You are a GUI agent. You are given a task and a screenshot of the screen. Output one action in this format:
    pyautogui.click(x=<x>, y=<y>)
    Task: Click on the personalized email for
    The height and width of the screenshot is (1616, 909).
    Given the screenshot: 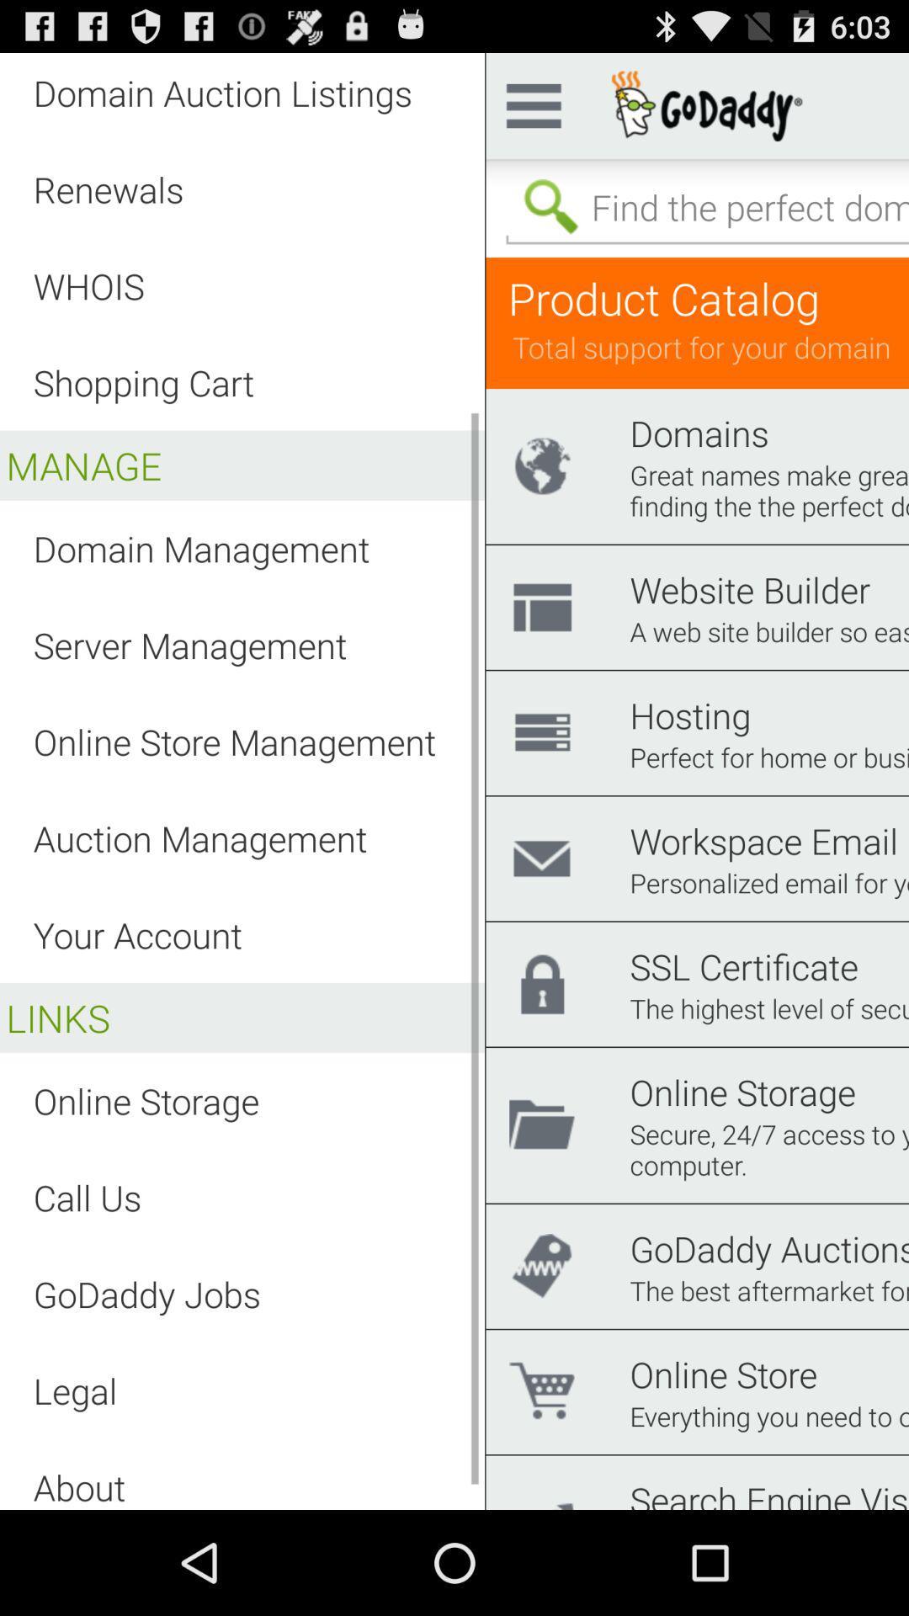 What is the action you would take?
    pyautogui.click(x=769, y=881)
    